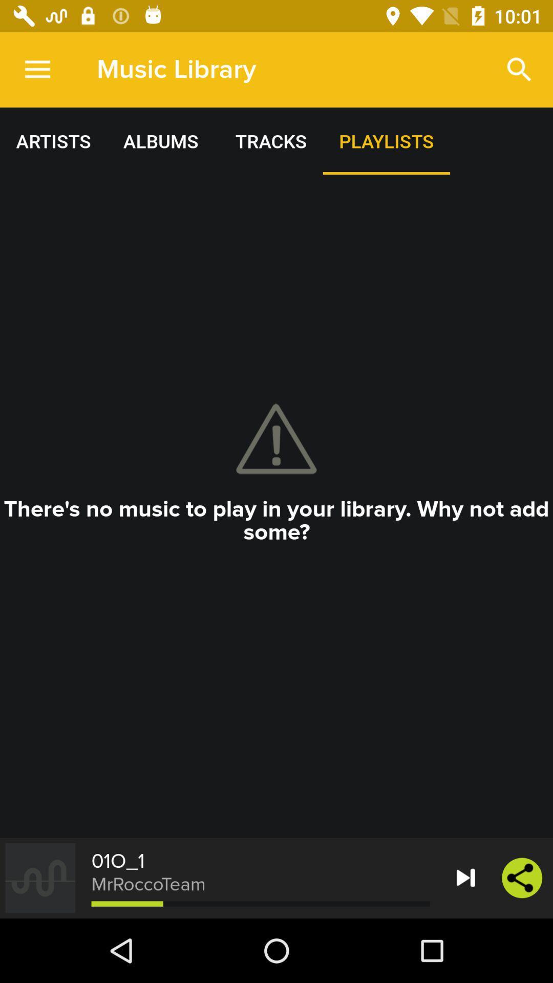 The height and width of the screenshot is (983, 553). I want to click on the item to the right of music library icon, so click(519, 69).